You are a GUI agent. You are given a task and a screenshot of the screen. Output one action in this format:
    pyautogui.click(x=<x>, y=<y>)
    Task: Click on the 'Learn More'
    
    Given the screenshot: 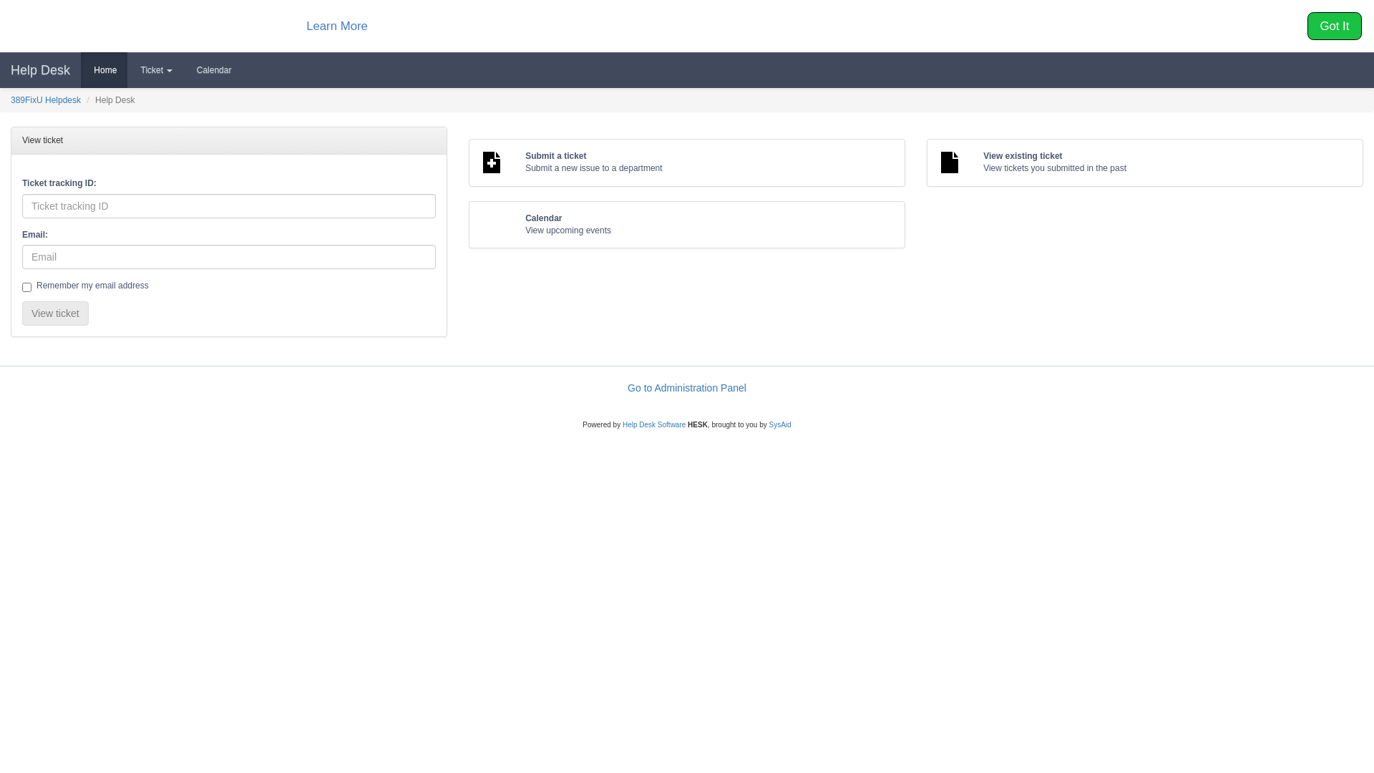 What is the action you would take?
    pyautogui.click(x=336, y=25)
    